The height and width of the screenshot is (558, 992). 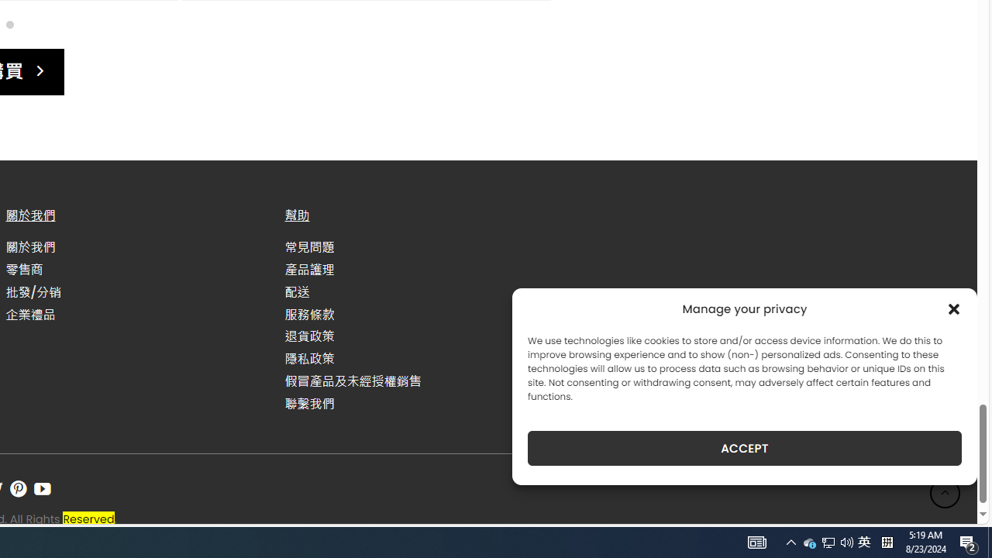 I want to click on 'Page dot 3', so click(x=9, y=24).